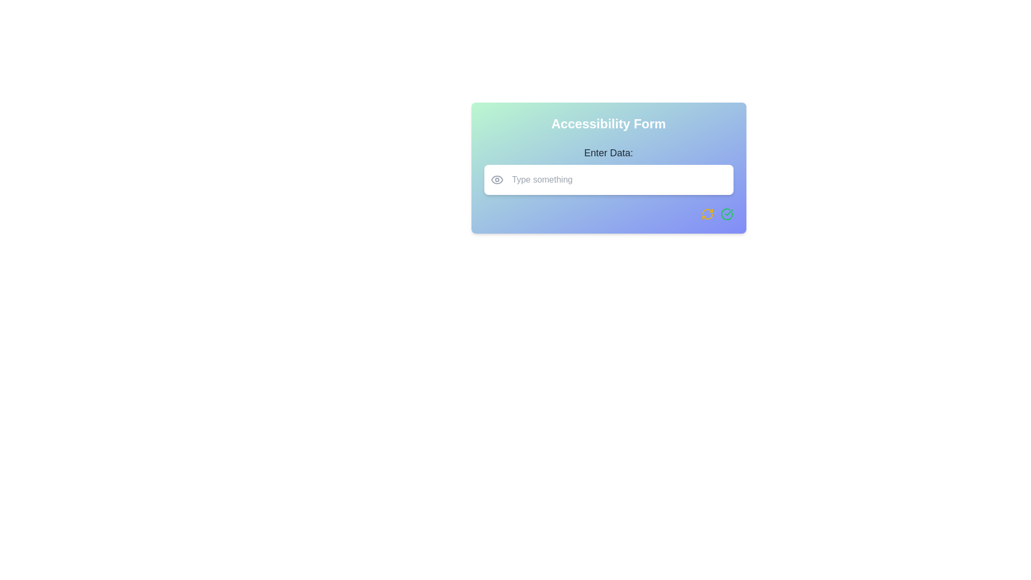 Image resolution: width=1031 pixels, height=580 pixels. Describe the element at coordinates (707, 216) in the screenshot. I see `the third segment of the circular arrow icon located in the bottom-right corner of the form, which represents a refresh or reset action` at that location.